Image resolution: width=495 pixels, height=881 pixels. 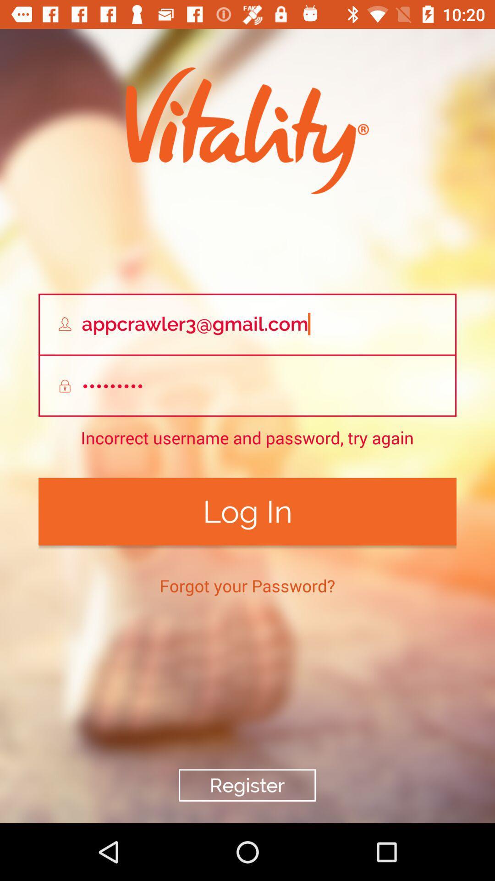 What do you see at coordinates (247, 585) in the screenshot?
I see `forgot your password?` at bounding box center [247, 585].